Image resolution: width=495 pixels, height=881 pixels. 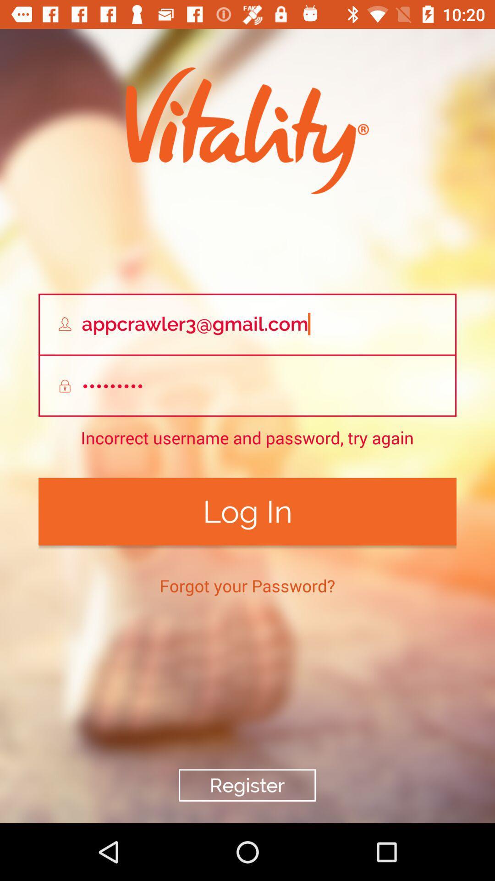 What do you see at coordinates (247, 585) in the screenshot?
I see `forgot your password?` at bounding box center [247, 585].